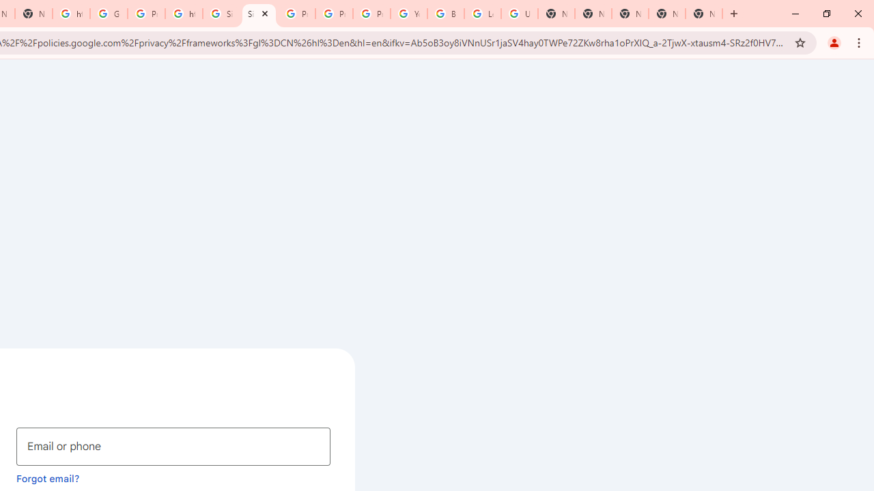 This screenshot has width=874, height=491. What do you see at coordinates (408, 14) in the screenshot?
I see `'YouTube'` at bounding box center [408, 14].